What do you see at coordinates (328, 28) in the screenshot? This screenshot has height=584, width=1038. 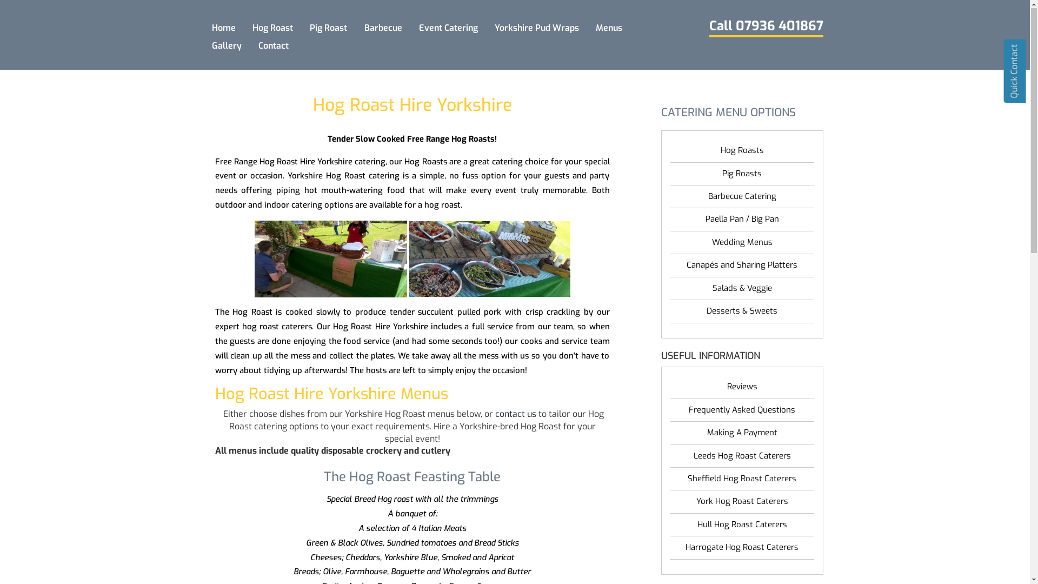 I see `'Pig Roast'` at bounding box center [328, 28].